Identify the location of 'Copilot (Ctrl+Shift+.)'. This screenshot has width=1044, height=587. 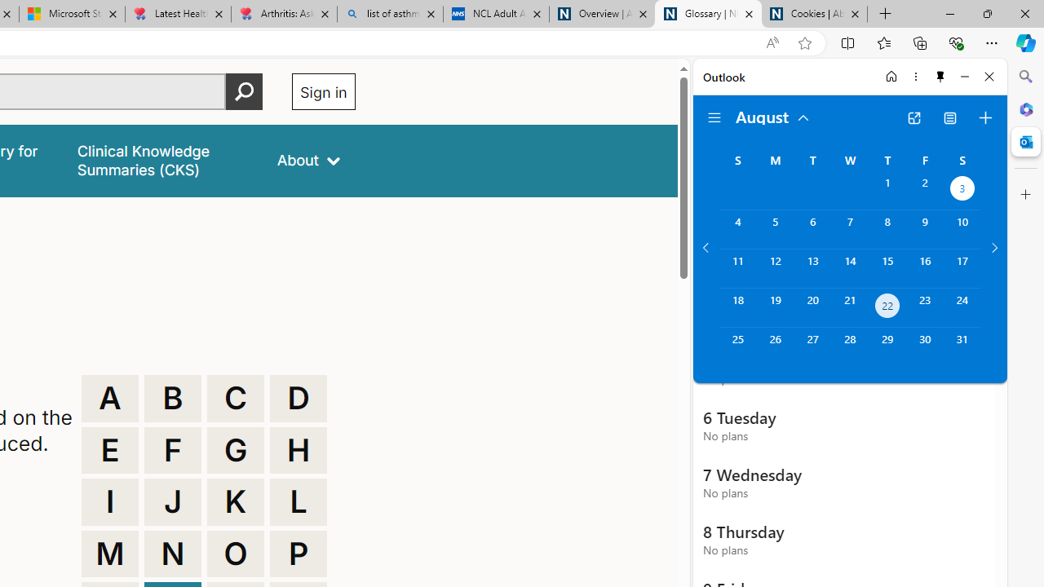
(1025, 42).